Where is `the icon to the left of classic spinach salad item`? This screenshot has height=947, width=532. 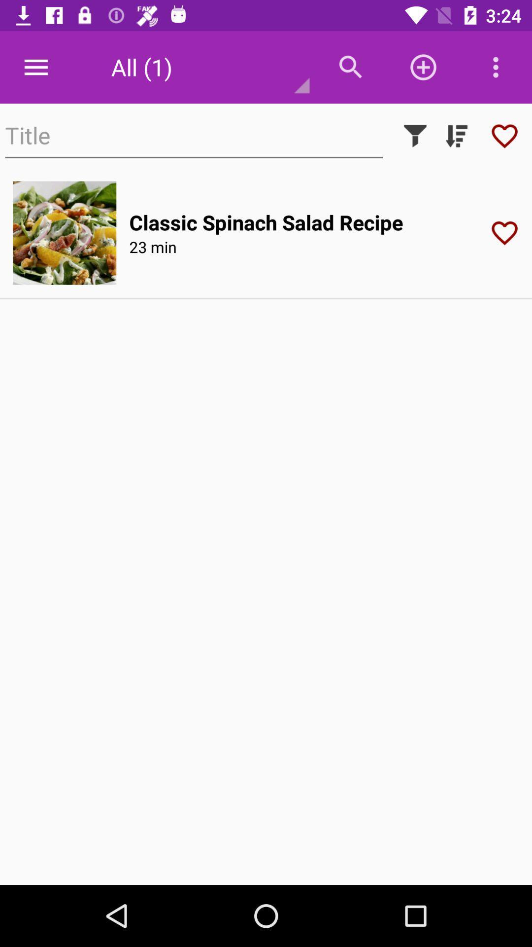
the icon to the left of classic spinach salad item is located at coordinates (65, 232).